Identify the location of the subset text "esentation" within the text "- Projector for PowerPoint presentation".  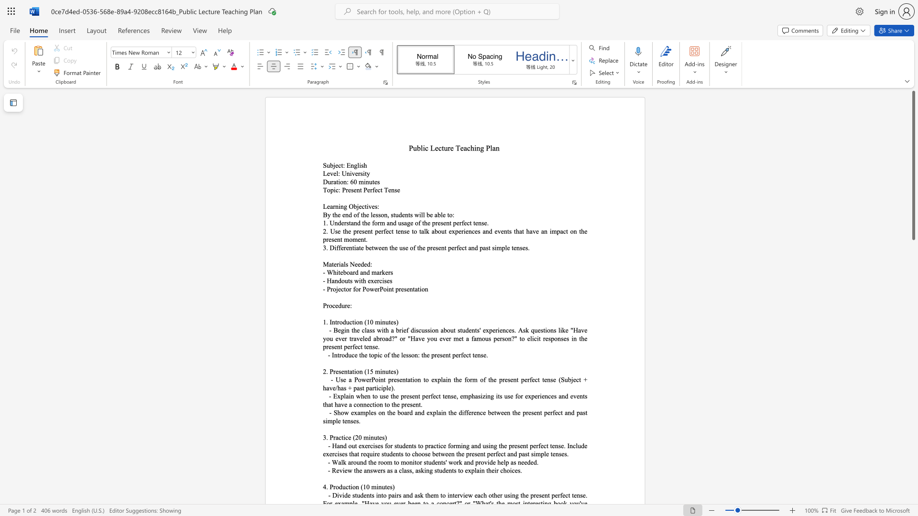
(401, 289).